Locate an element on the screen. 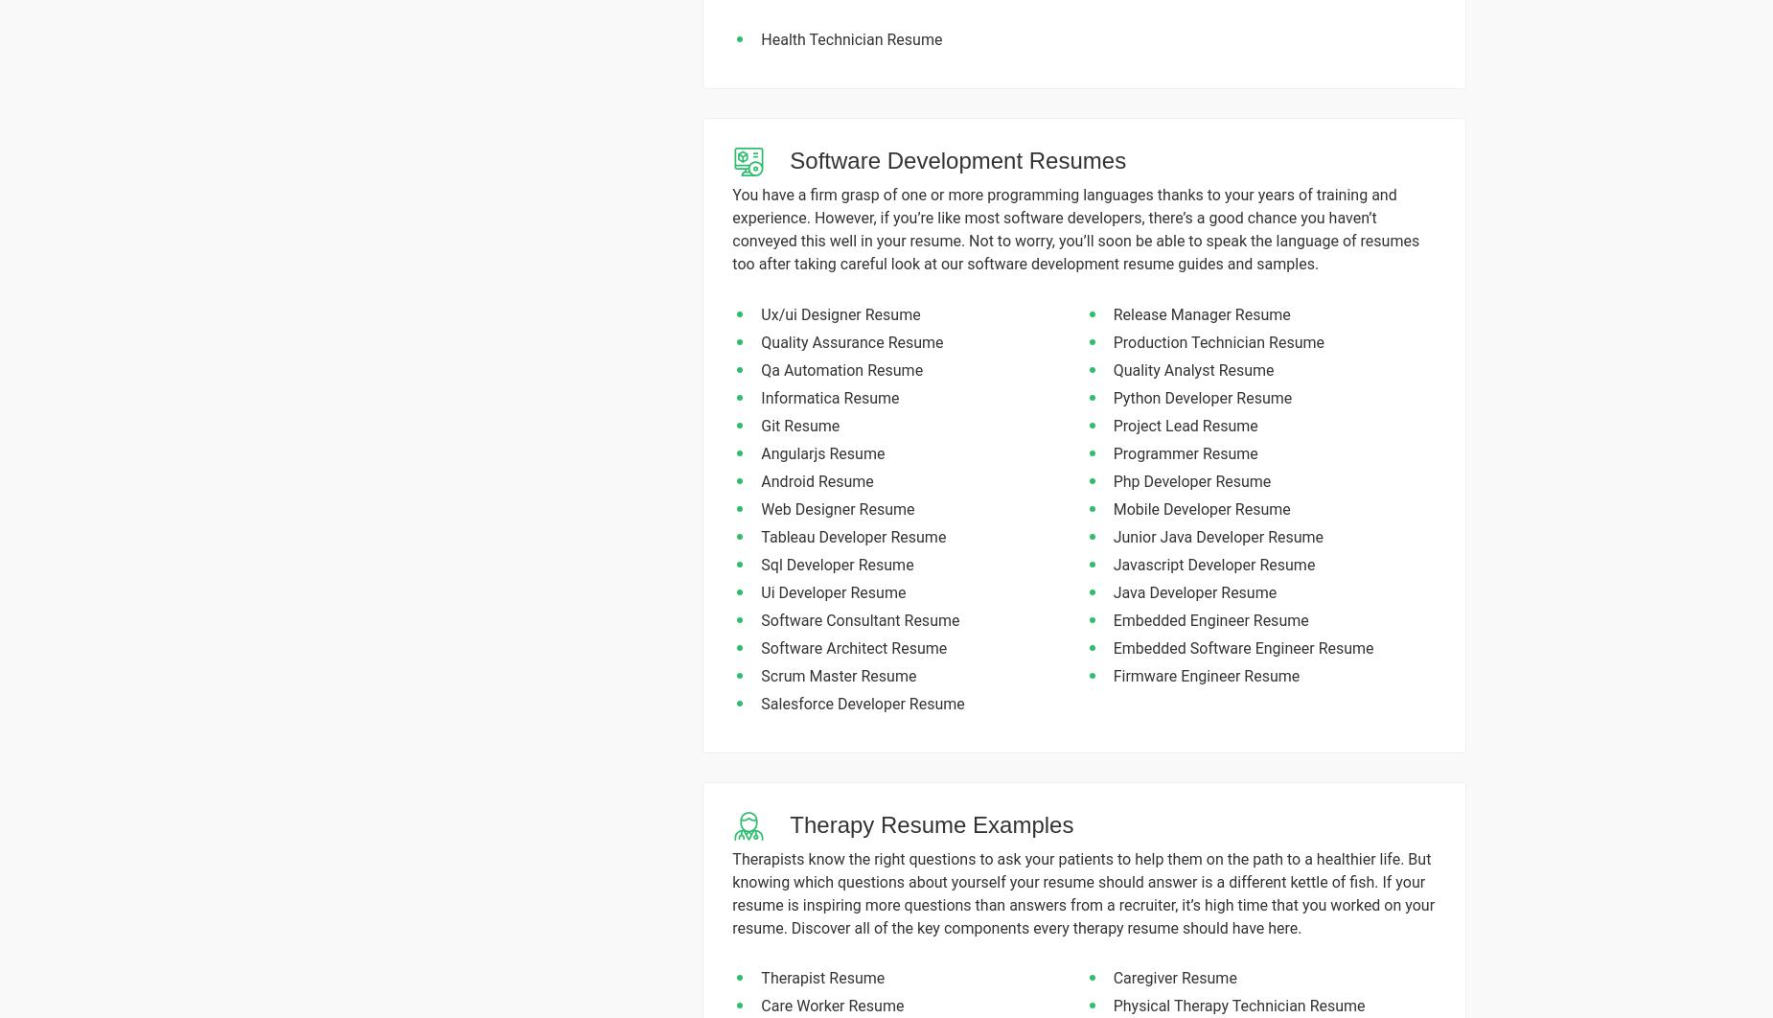 This screenshot has width=1773, height=1018. 'Project Lead Resume' is located at coordinates (1184, 424).